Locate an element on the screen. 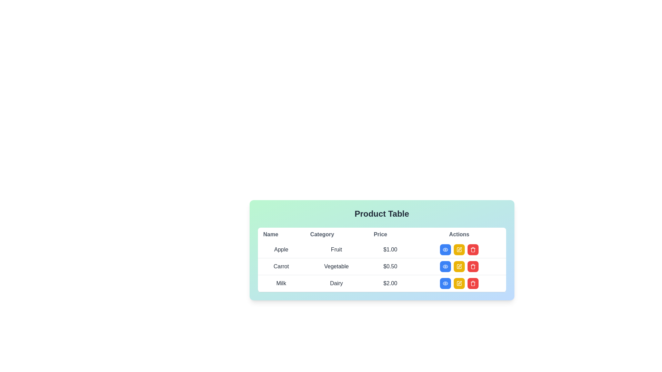 The height and width of the screenshot is (372, 662). the 'view' button located in the 'Actions' column of the second row, corresponding to the 'Vegetable' category priced at '$0.50' is located at coordinates (445, 266).